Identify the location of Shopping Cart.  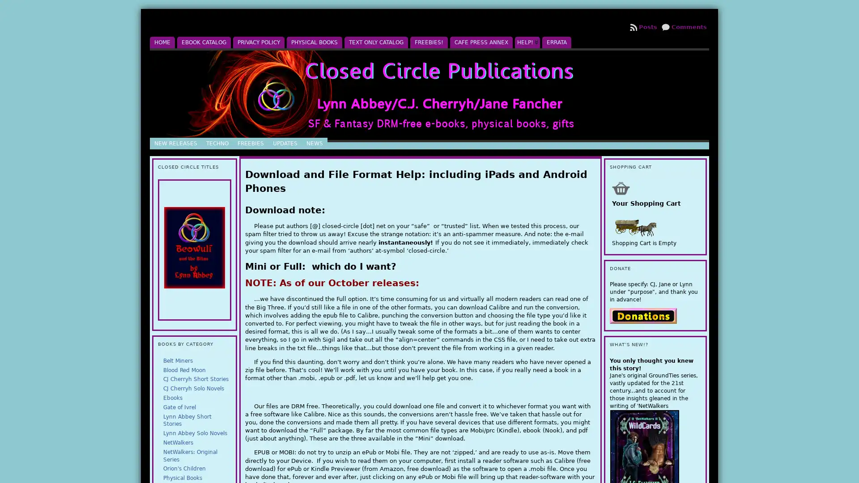
(620, 187).